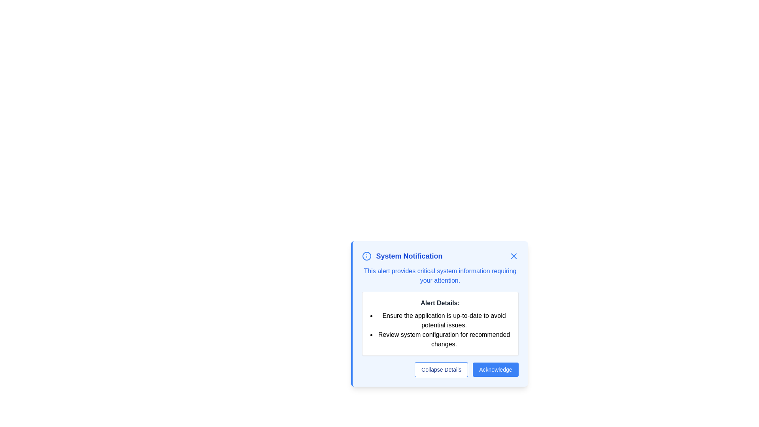 The image size is (759, 427). I want to click on the 'Collapse Details' button, which is a rectangular button with blue text on a white background, located at the bottom-left side of the notification dialog, so click(441, 369).